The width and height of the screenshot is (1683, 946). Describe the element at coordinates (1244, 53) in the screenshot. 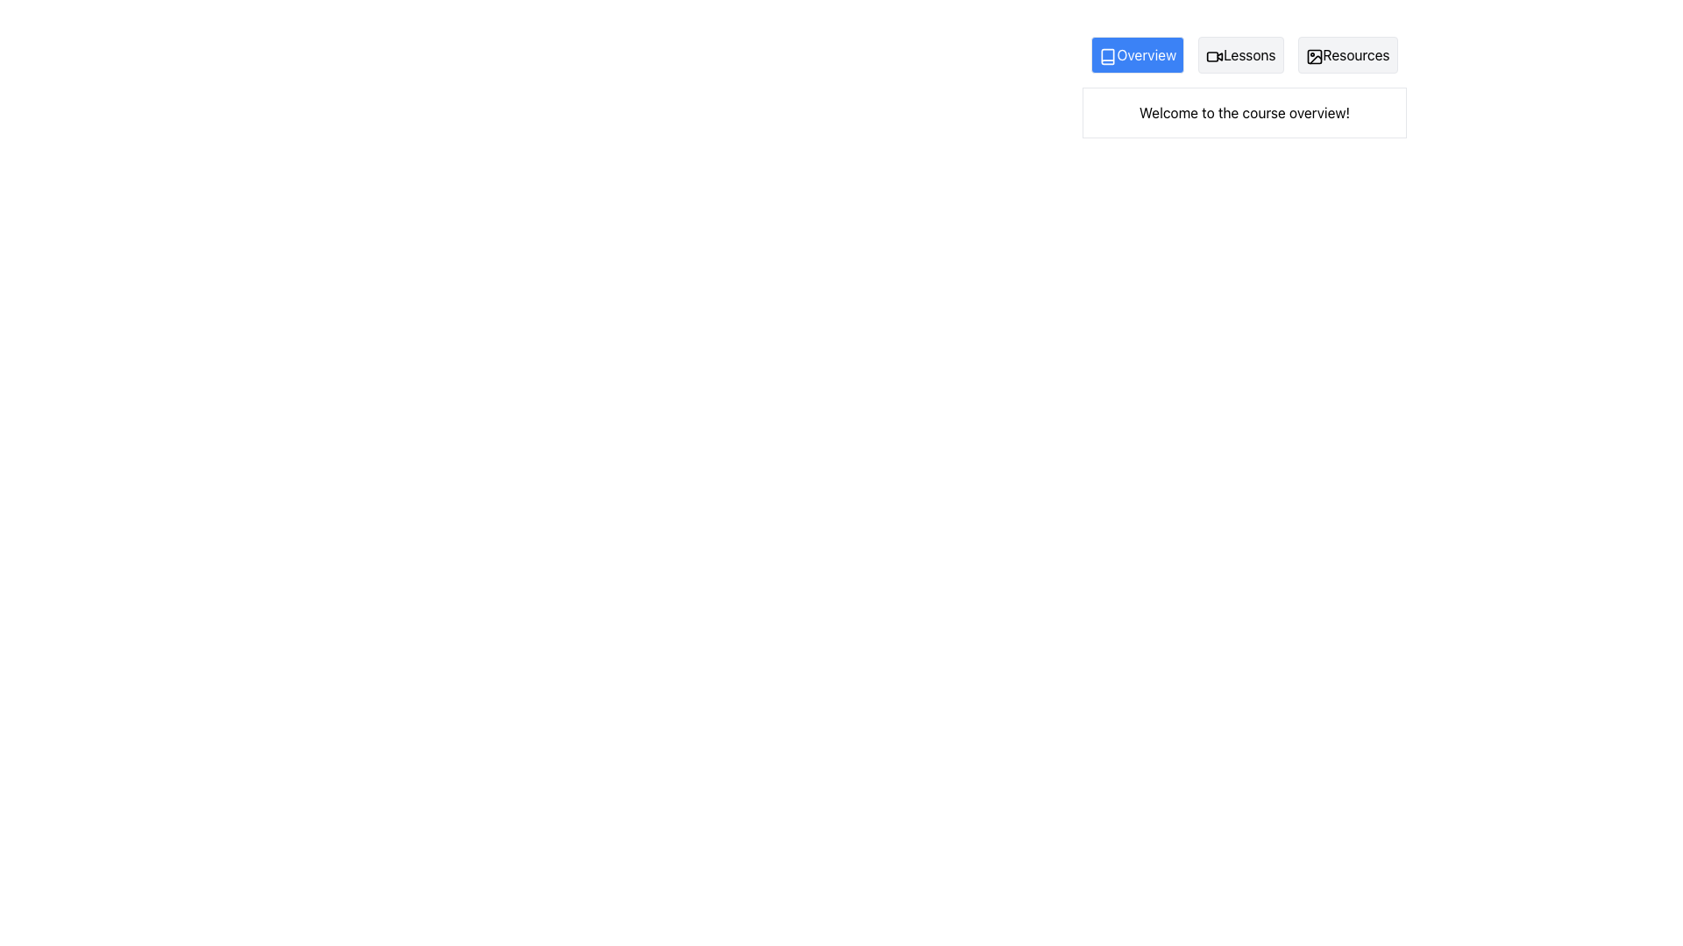

I see `the 'Lessons' button, which is the middle button in a row of three labeled 'Overview', 'Lessons', and 'Resources'` at that location.